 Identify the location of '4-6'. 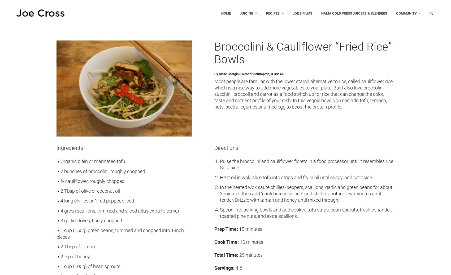
(238, 268).